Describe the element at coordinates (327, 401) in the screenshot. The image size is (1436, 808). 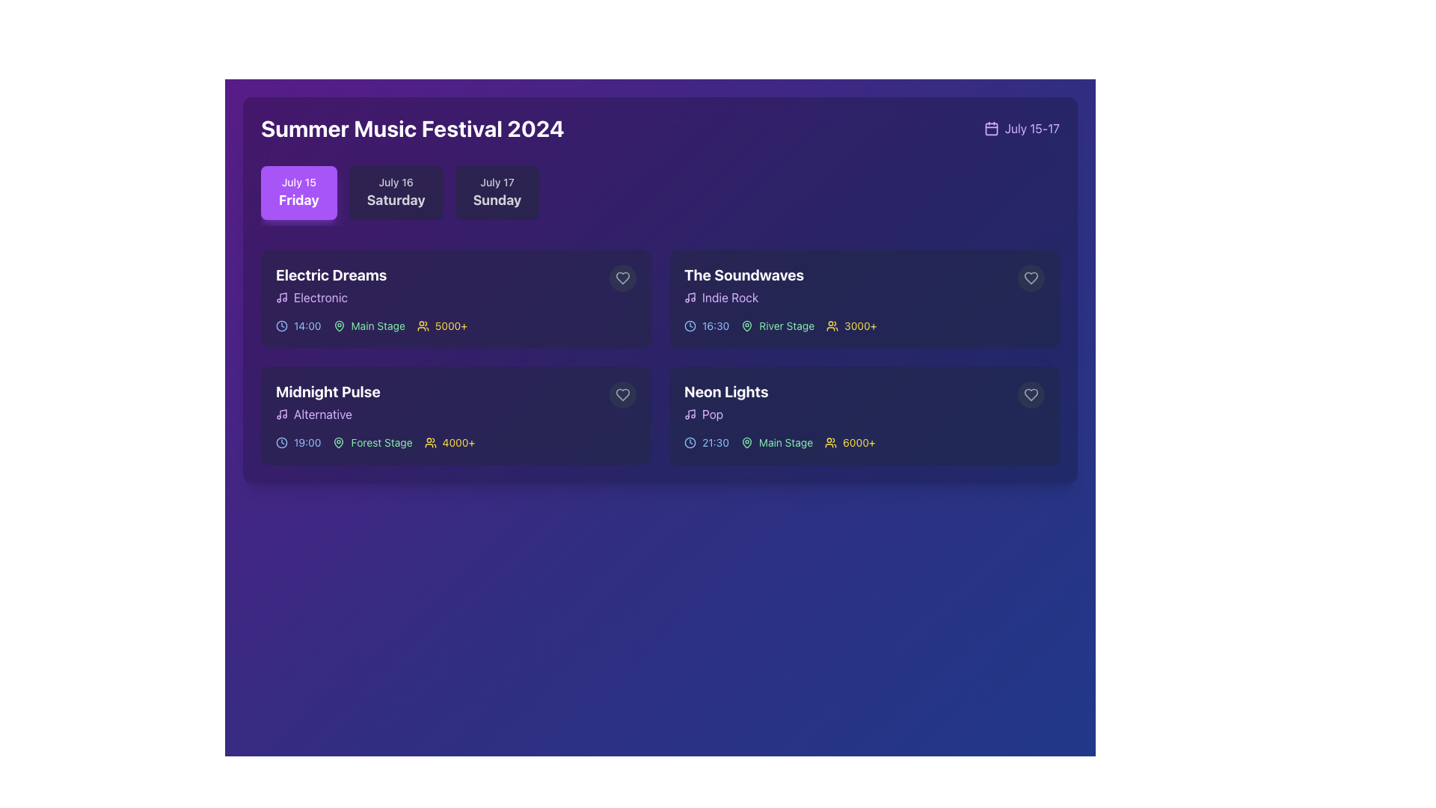
I see `the text element group that serves as the title and genre descriptor for the 'Midnight Pulse' event in the music festival lineup, located in the bottom-left quadrant of the 2x2 grid layout` at that location.